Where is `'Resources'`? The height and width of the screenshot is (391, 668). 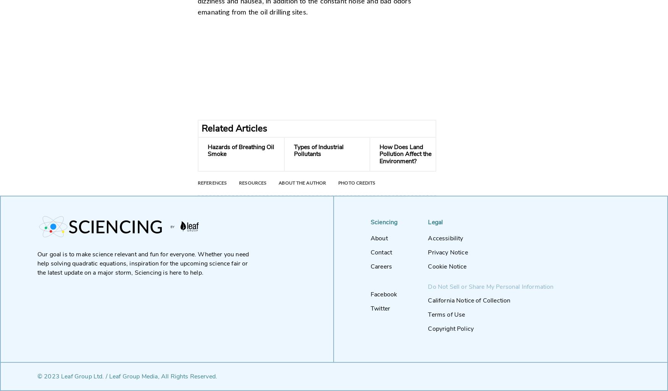
'Resources' is located at coordinates (252, 183).